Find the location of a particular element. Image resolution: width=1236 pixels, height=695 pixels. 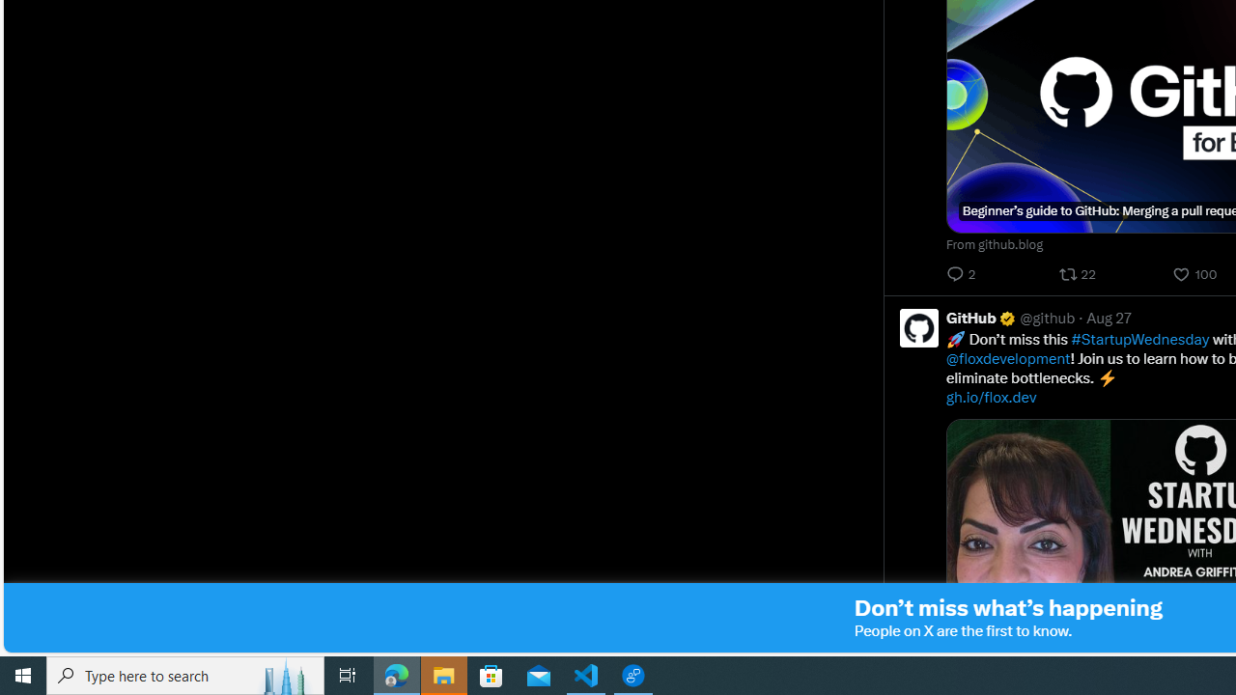

'22 reposts. Repost' is located at coordinates (1079, 274).